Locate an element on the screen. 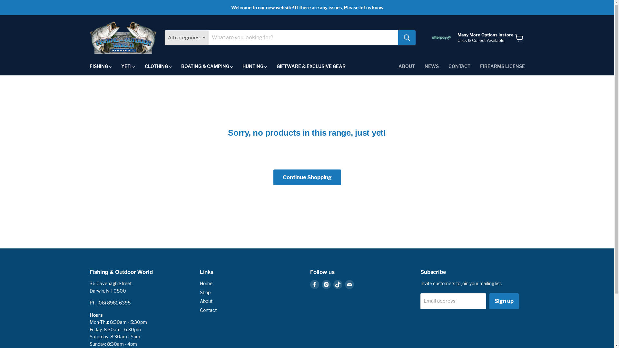 The width and height of the screenshot is (619, 348). 'ABOUT' is located at coordinates (406, 66).